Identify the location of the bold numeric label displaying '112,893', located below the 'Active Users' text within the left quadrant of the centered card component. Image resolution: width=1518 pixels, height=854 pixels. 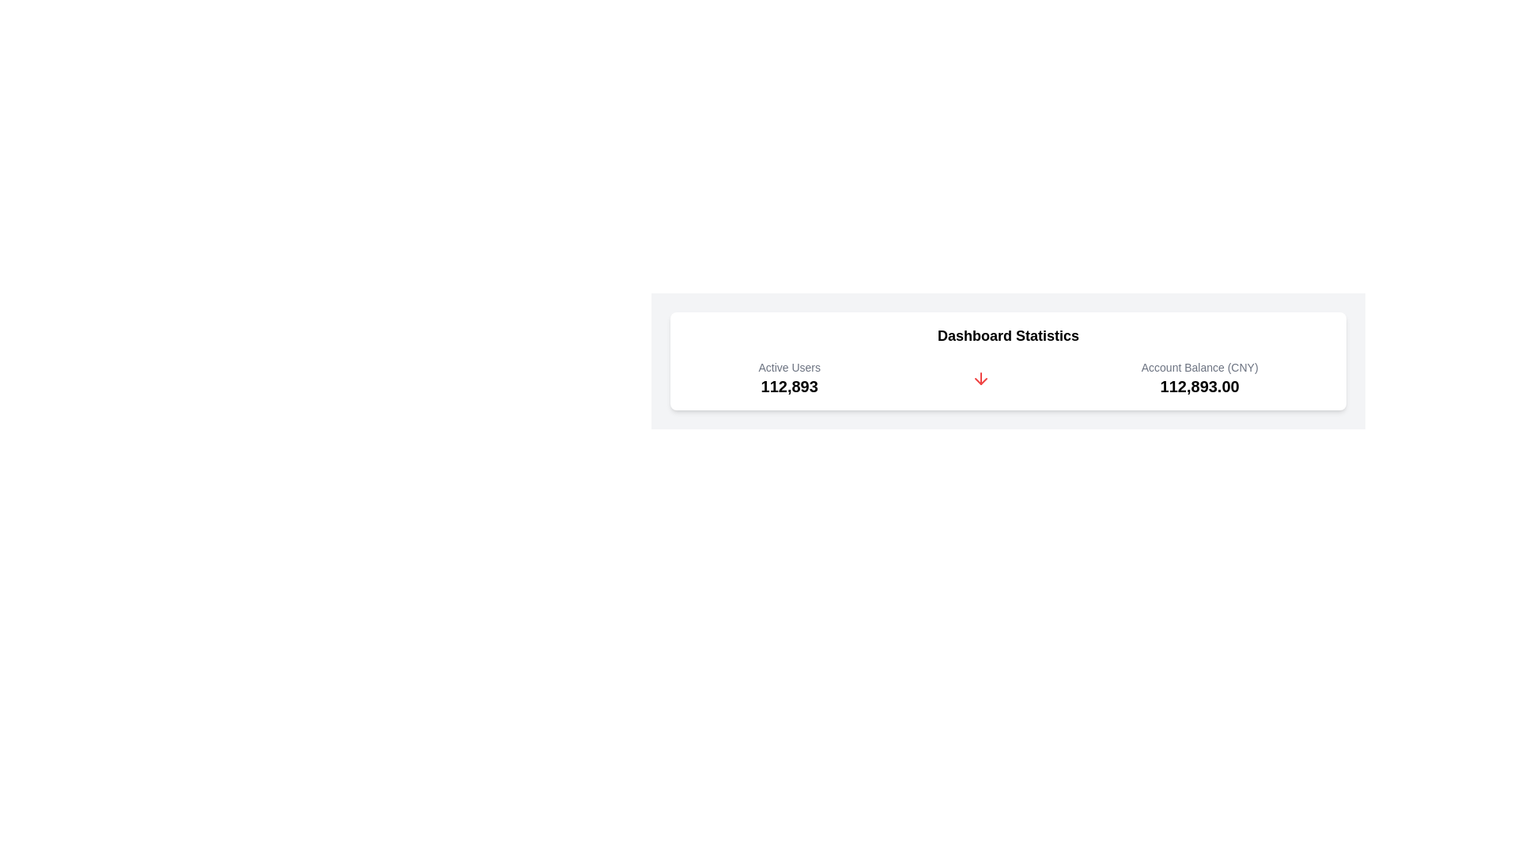
(789, 387).